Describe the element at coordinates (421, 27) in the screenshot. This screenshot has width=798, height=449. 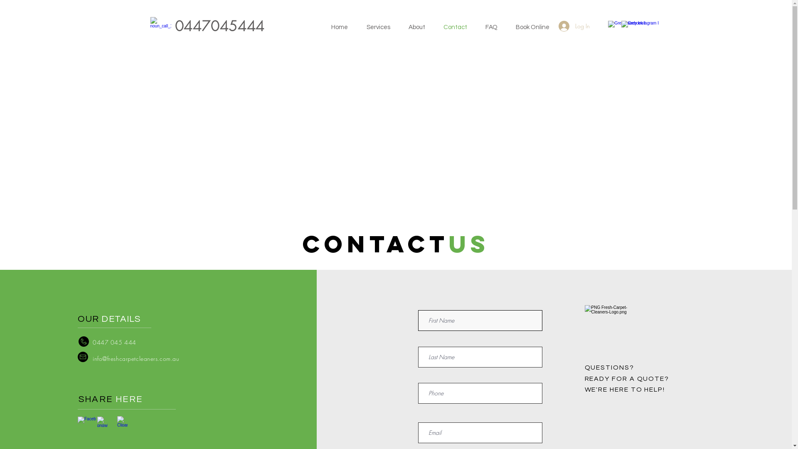
I see `'About'` at that location.